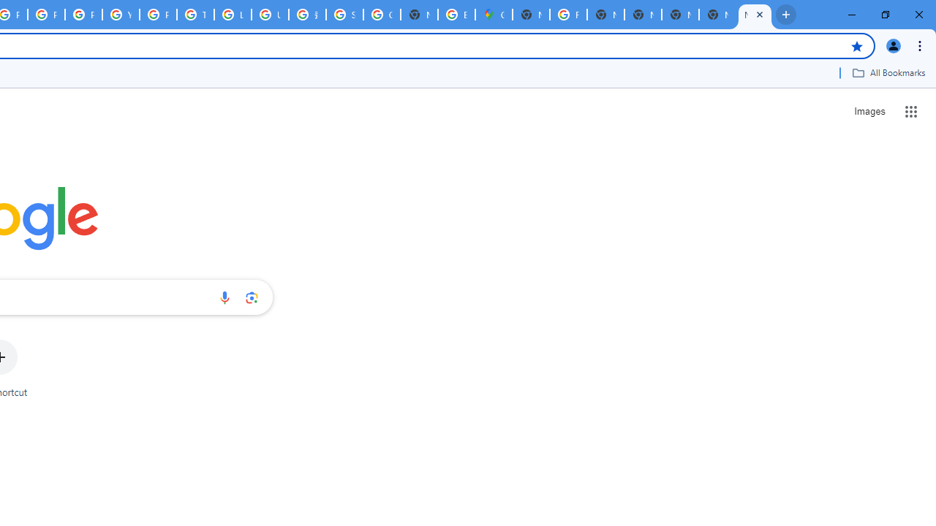  Describe the element at coordinates (344, 15) in the screenshot. I see `'Sign in - Google Accounts'` at that location.